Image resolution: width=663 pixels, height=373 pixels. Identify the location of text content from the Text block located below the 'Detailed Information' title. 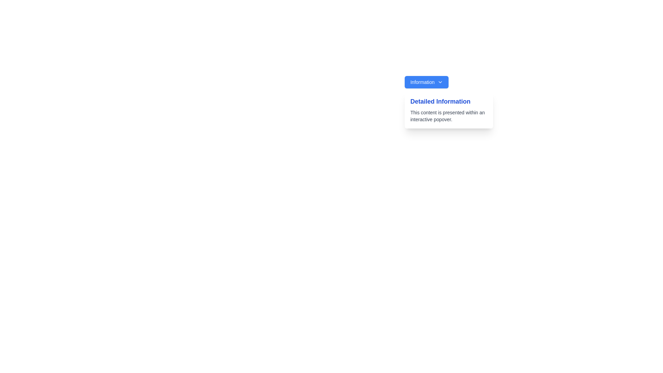
(449, 115).